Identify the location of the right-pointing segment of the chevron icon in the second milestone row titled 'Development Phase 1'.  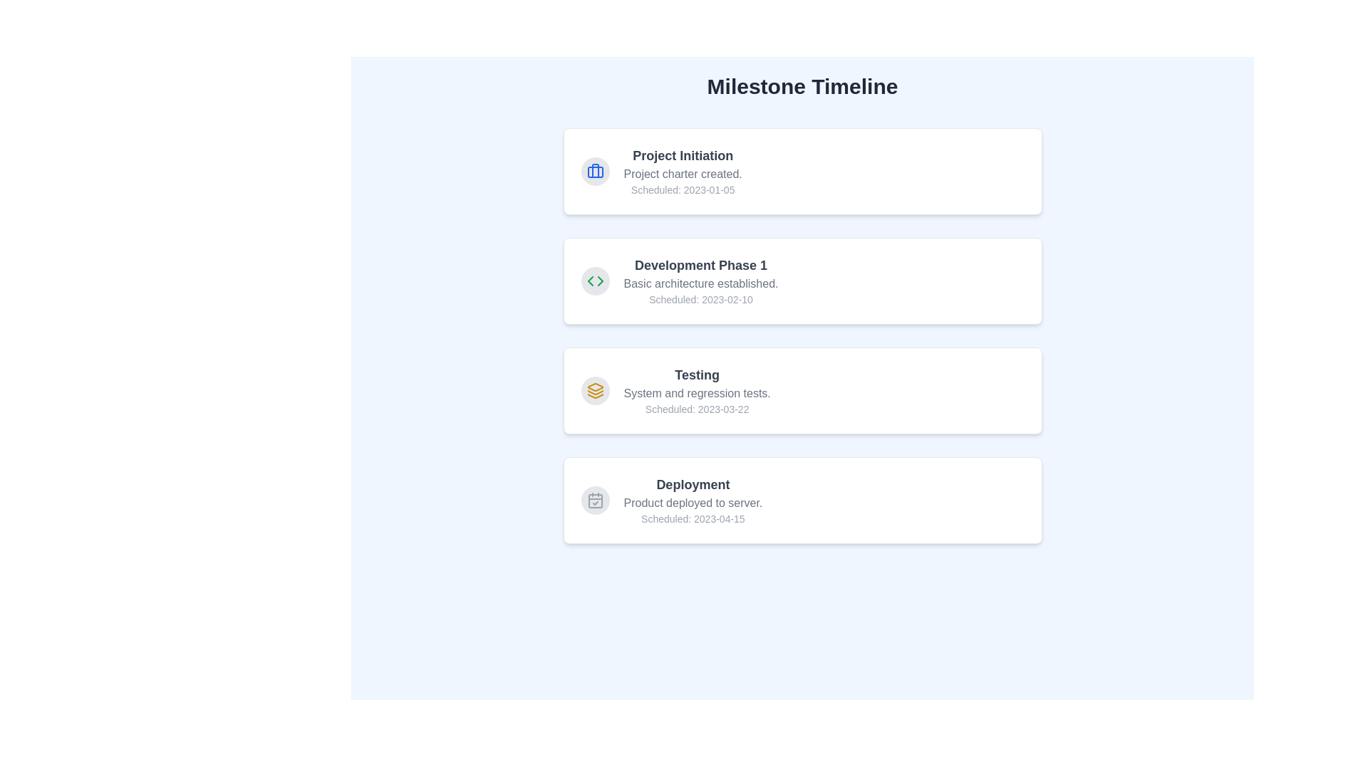
(600, 281).